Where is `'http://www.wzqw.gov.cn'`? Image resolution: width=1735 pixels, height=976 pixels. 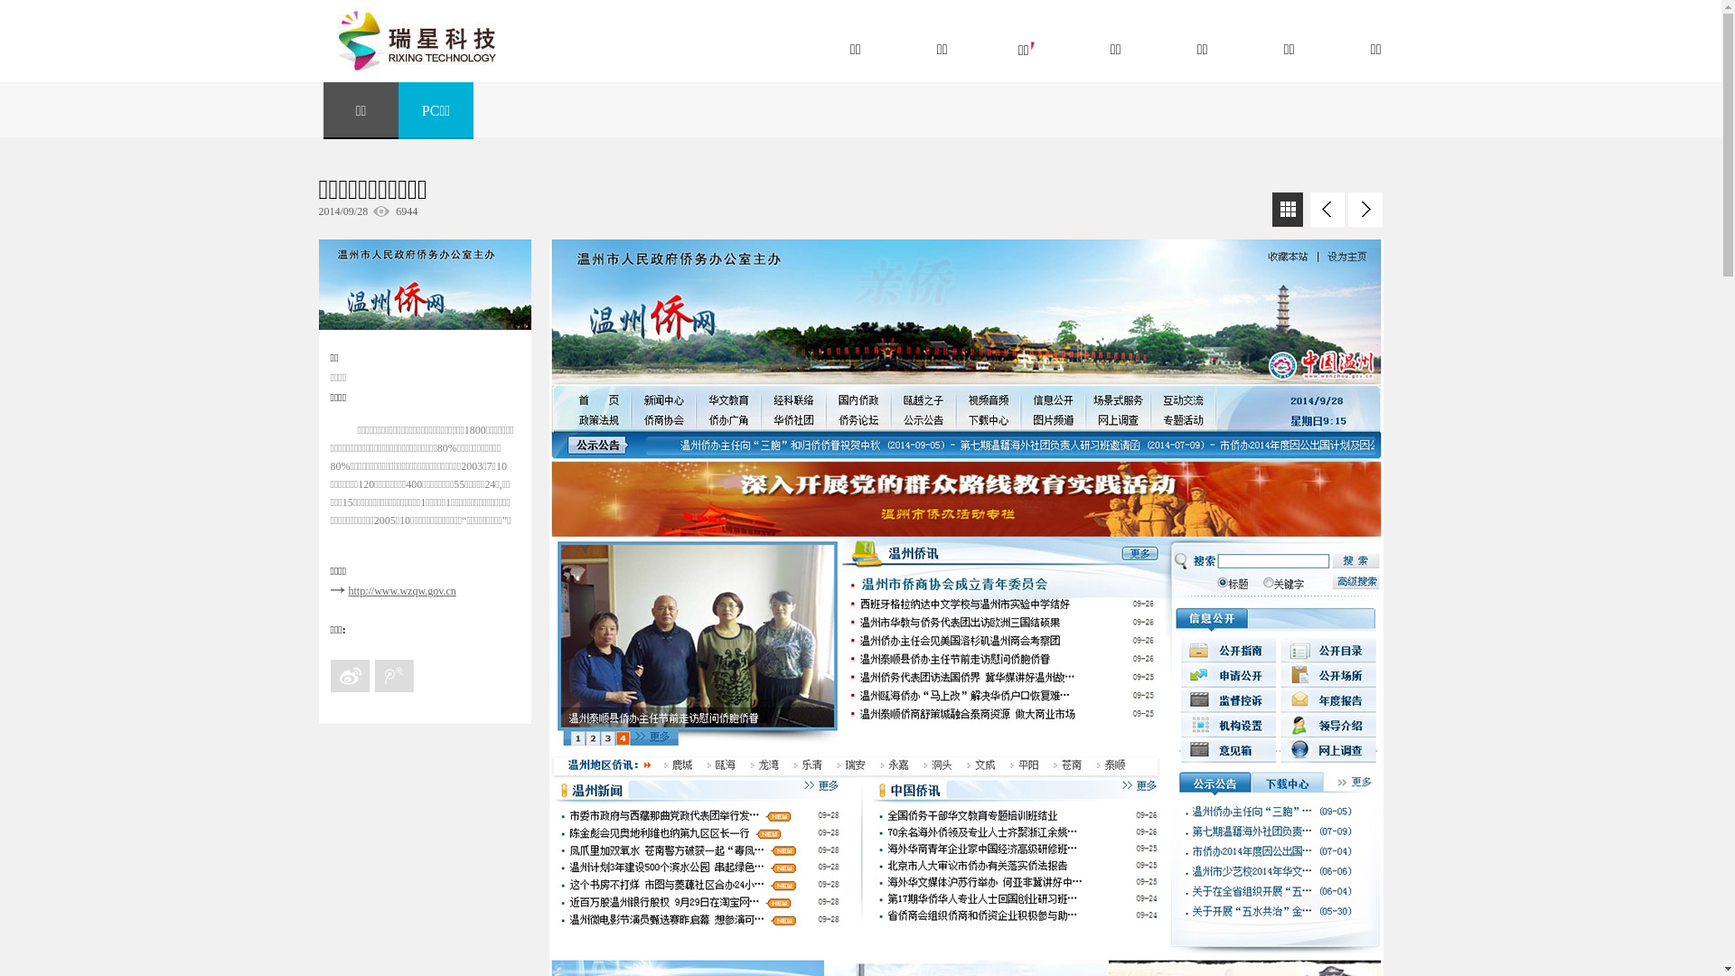 'http://www.wzqw.gov.cn' is located at coordinates (401, 591).